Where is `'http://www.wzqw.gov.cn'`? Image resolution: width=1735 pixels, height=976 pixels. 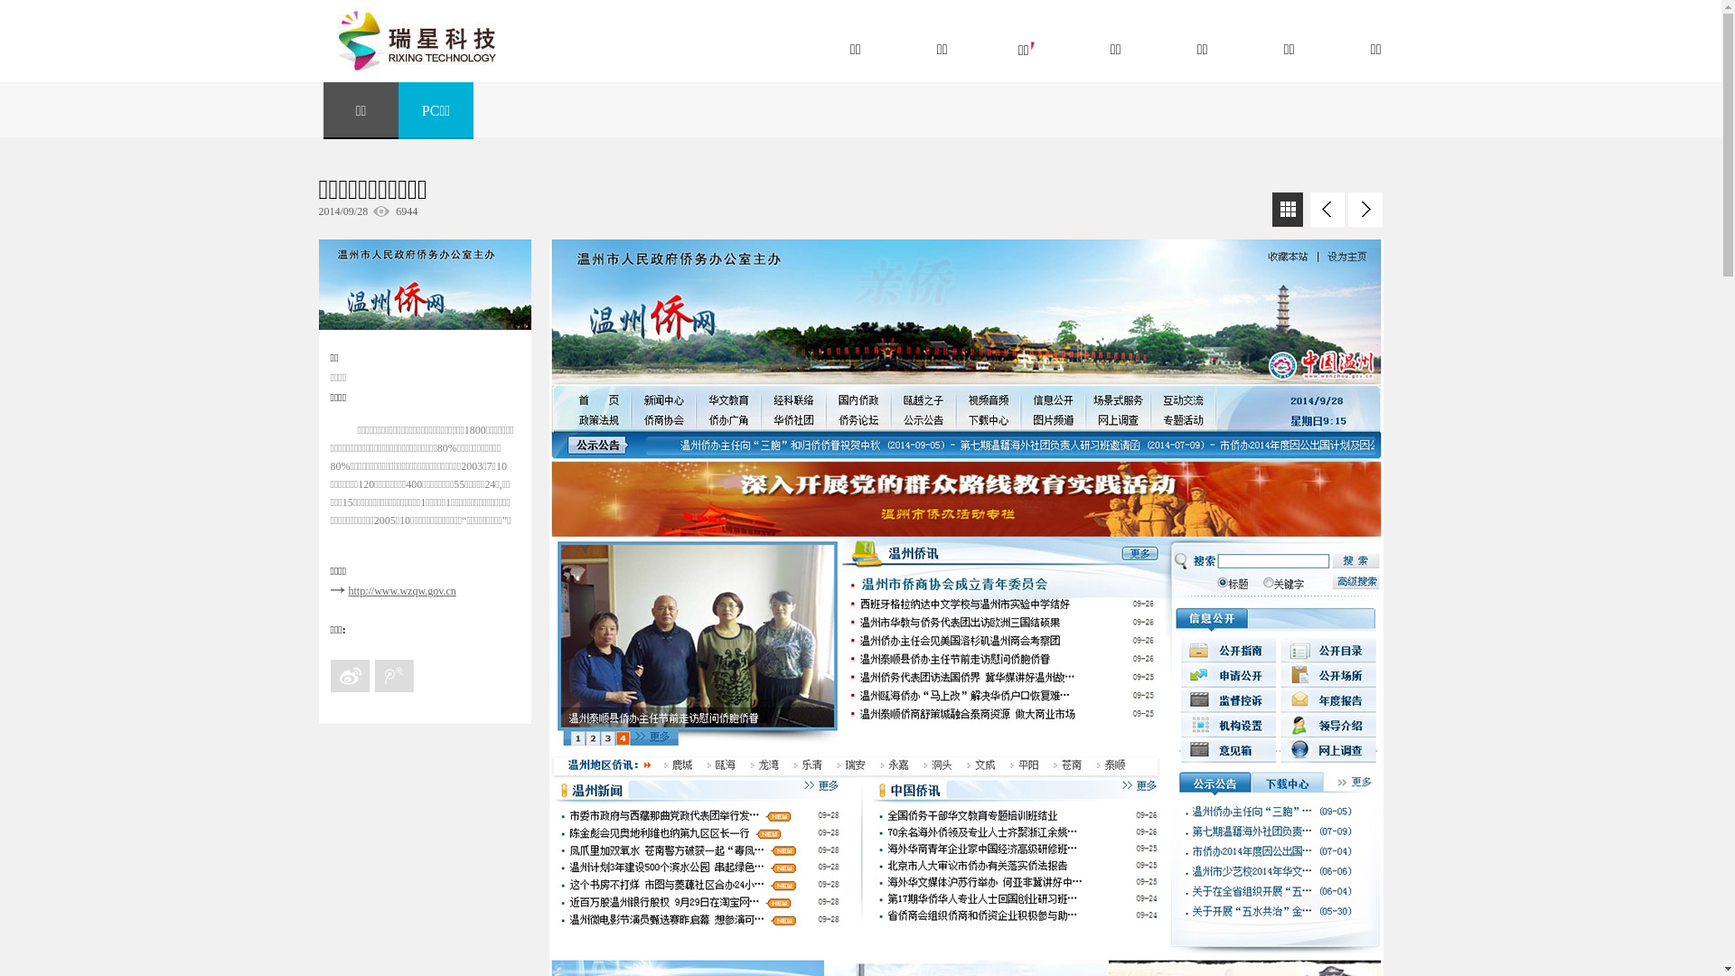 'http://www.wzqw.gov.cn' is located at coordinates (401, 591).